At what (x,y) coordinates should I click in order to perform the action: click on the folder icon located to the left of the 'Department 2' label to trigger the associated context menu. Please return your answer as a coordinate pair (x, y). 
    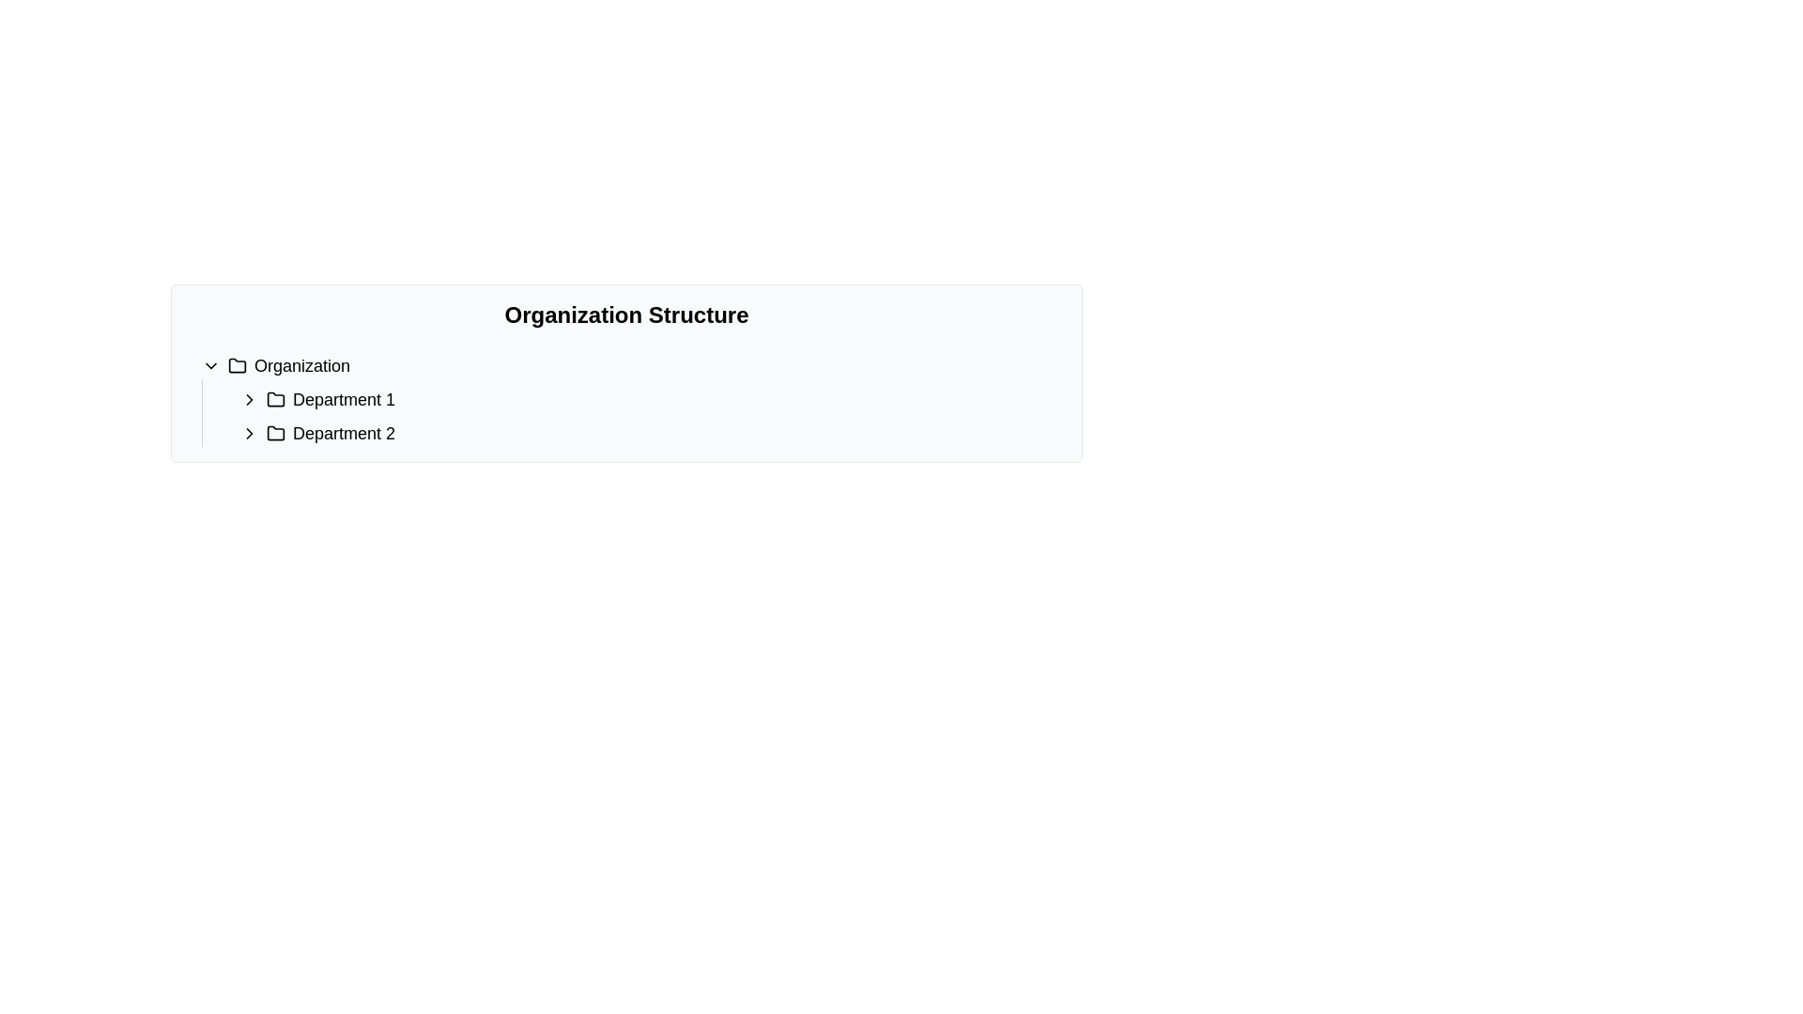
    Looking at the image, I should click on (274, 434).